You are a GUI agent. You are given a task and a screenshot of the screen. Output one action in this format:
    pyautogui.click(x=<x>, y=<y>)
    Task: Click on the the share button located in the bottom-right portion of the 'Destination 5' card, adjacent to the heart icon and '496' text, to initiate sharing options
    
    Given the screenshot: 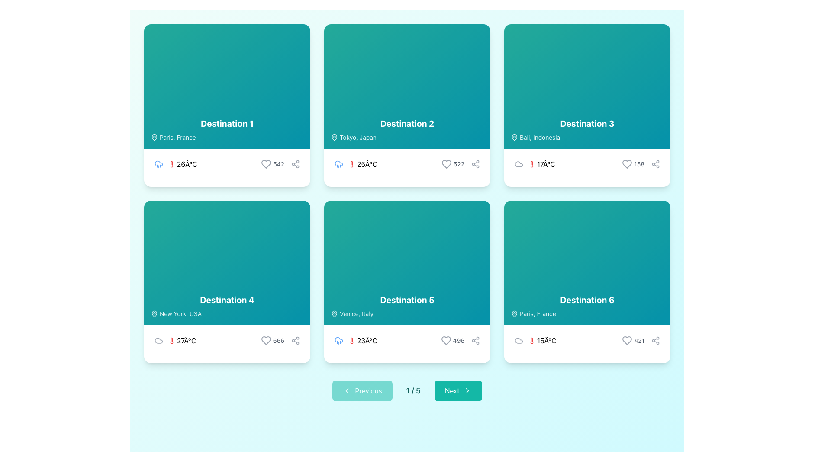 What is the action you would take?
    pyautogui.click(x=475, y=340)
    